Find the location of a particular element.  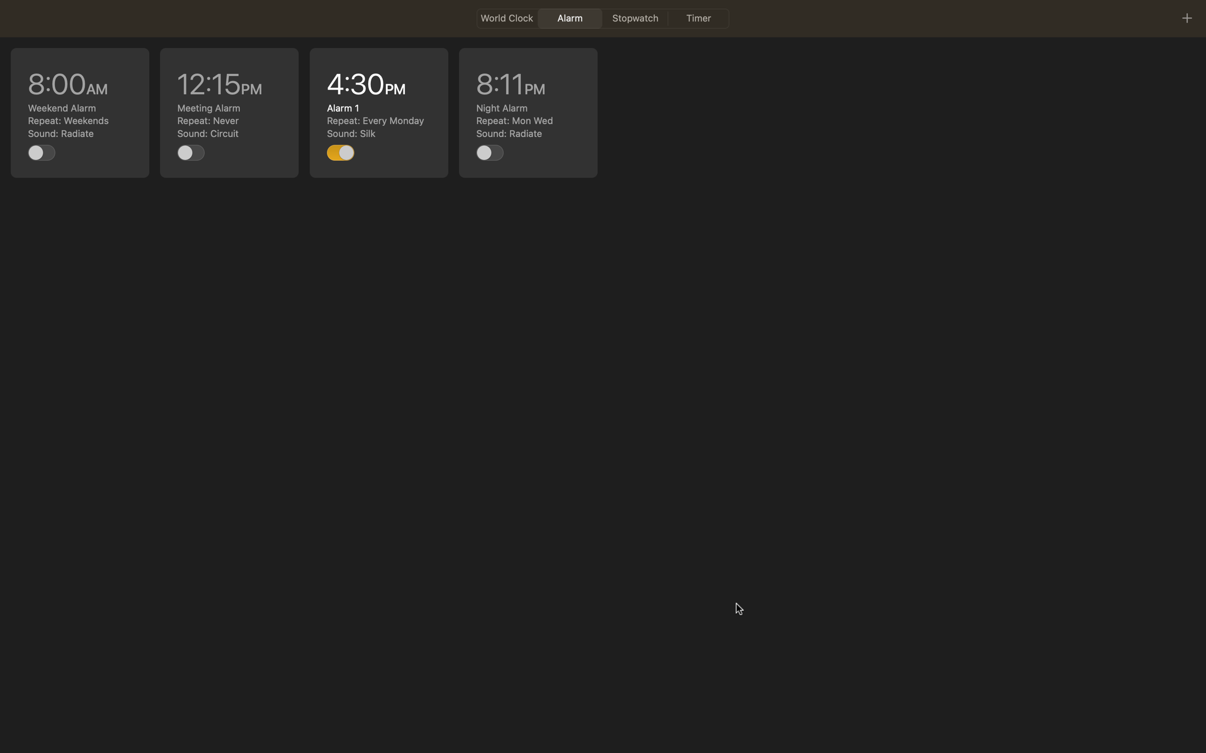

on the "+" button is located at coordinates (1186, 17).